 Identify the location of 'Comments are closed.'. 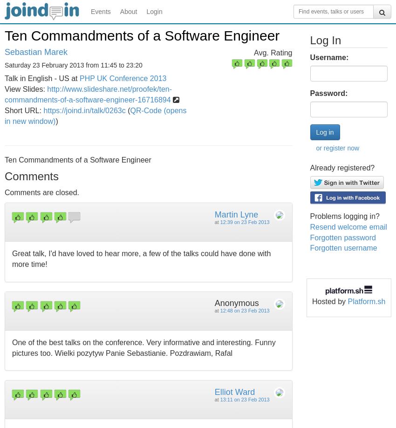
(41, 192).